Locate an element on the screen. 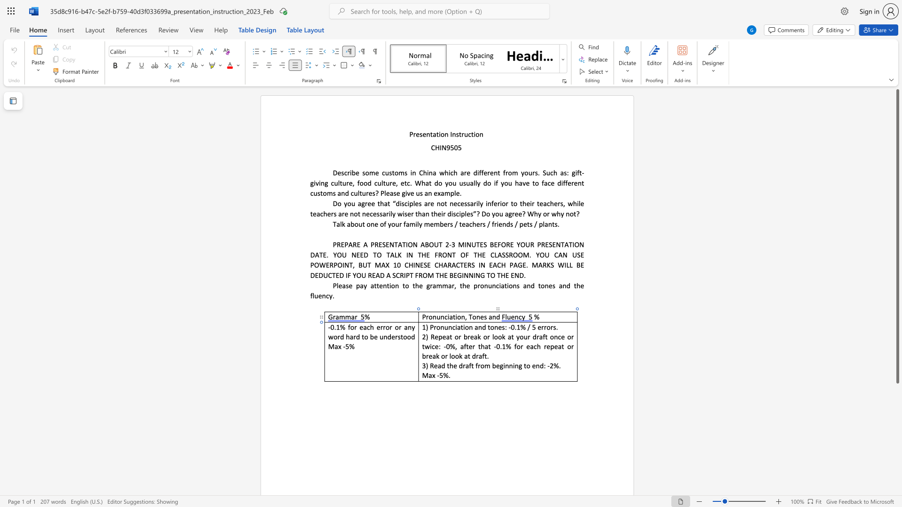 The height and width of the screenshot is (507, 902). the 2th character "o" in the text is located at coordinates (388, 327).